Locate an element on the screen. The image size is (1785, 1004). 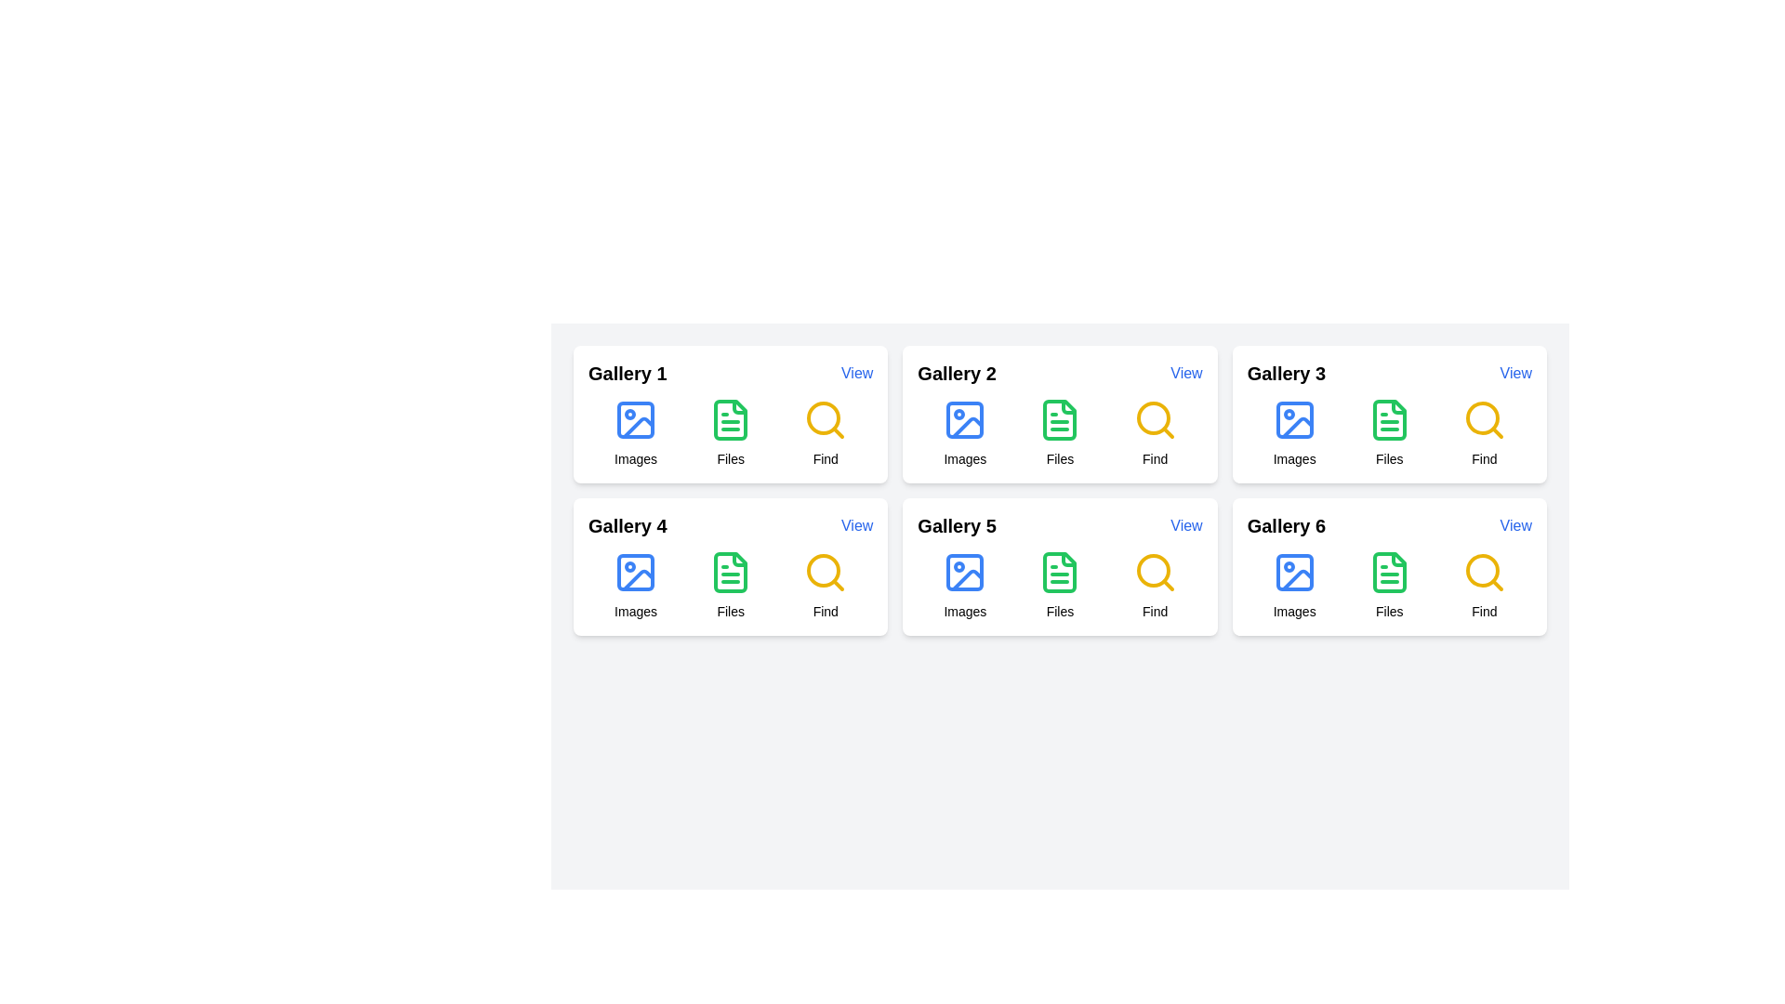
the 'Files' icon in the 'Gallery 3' group, located in the top-right section of the central gallery row is located at coordinates (1389, 419).